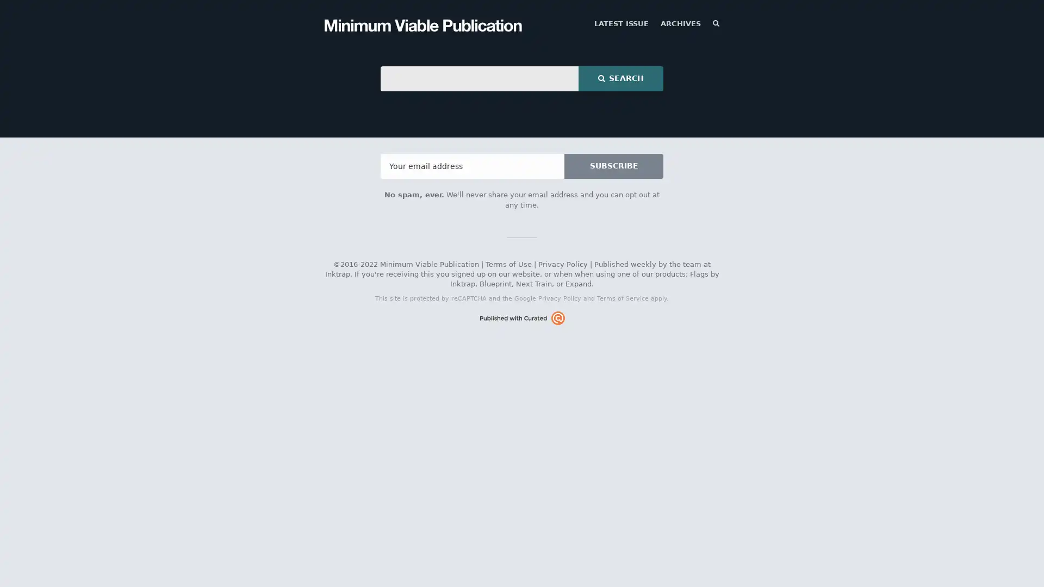 The width and height of the screenshot is (1044, 587). What do you see at coordinates (325, 2) in the screenshot?
I see `TOGGLE MENU` at bounding box center [325, 2].